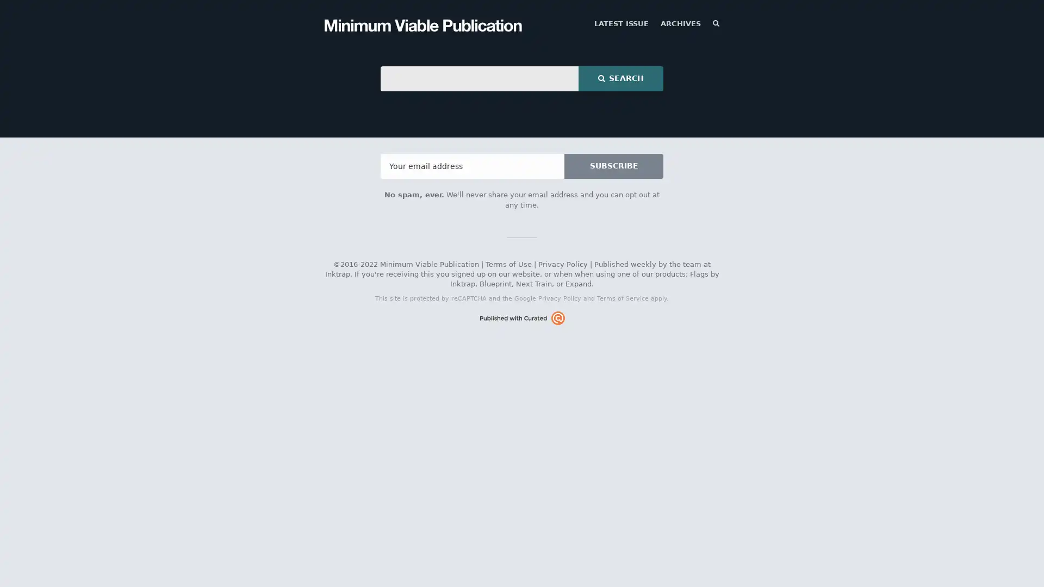 The width and height of the screenshot is (1044, 587). What do you see at coordinates (325, 2) in the screenshot?
I see `TOGGLE MENU` at bounding box center [325, 2].